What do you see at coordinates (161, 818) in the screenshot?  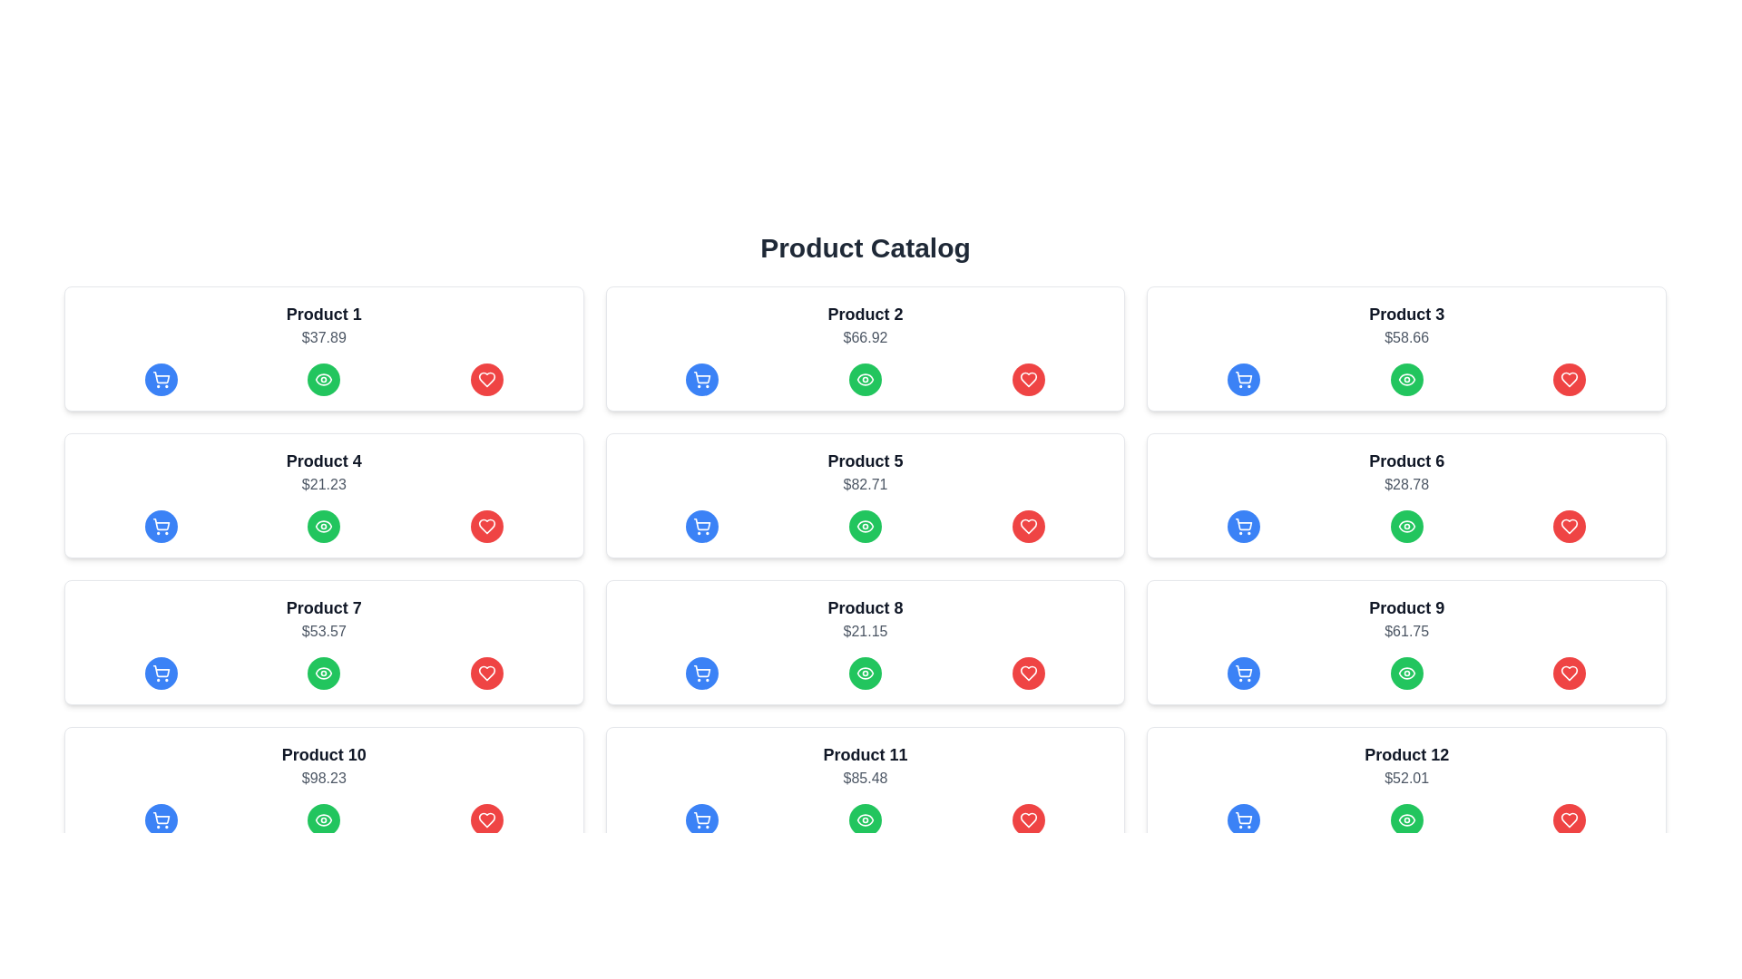 I see `the 'Add to Cart' button/icon located in the bottom-left corner of the 'Product 10' card to trigger a tooltip or highlight effect` at bounding box center [161, 818].